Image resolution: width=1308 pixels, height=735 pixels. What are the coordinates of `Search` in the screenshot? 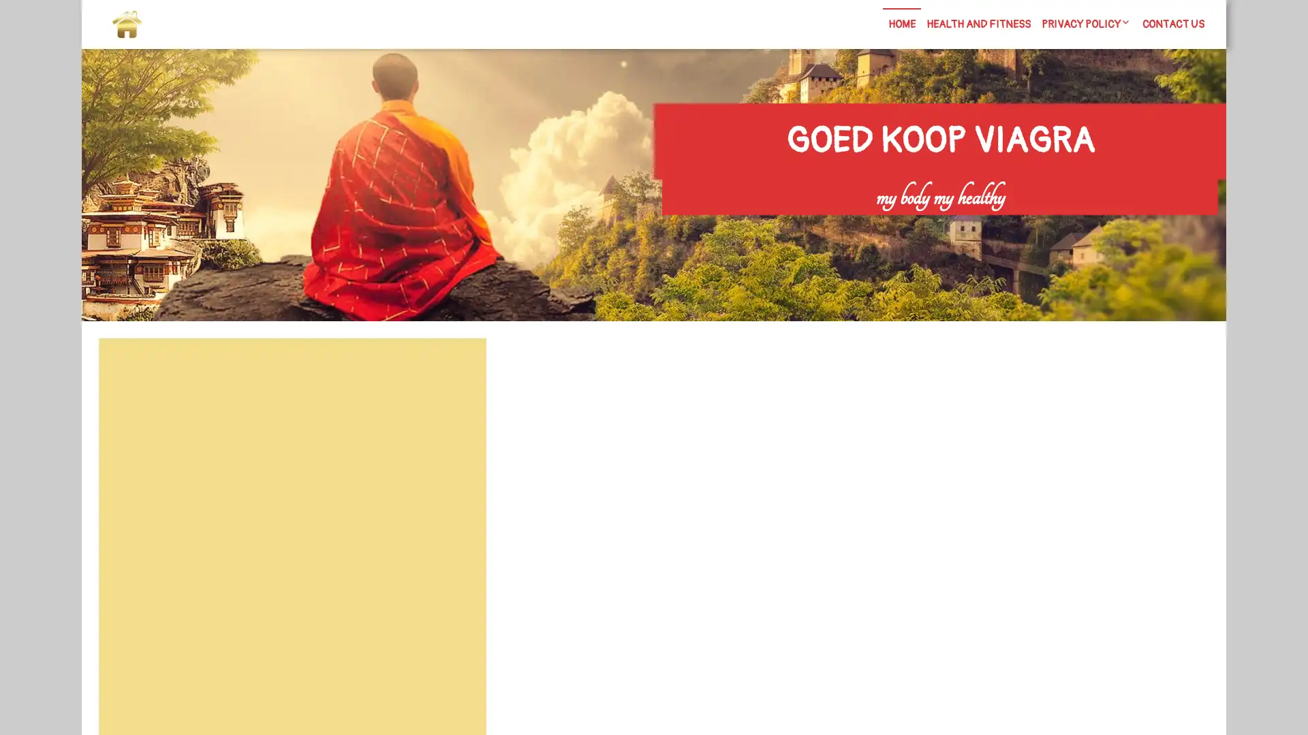 It's located at (1061, 223).